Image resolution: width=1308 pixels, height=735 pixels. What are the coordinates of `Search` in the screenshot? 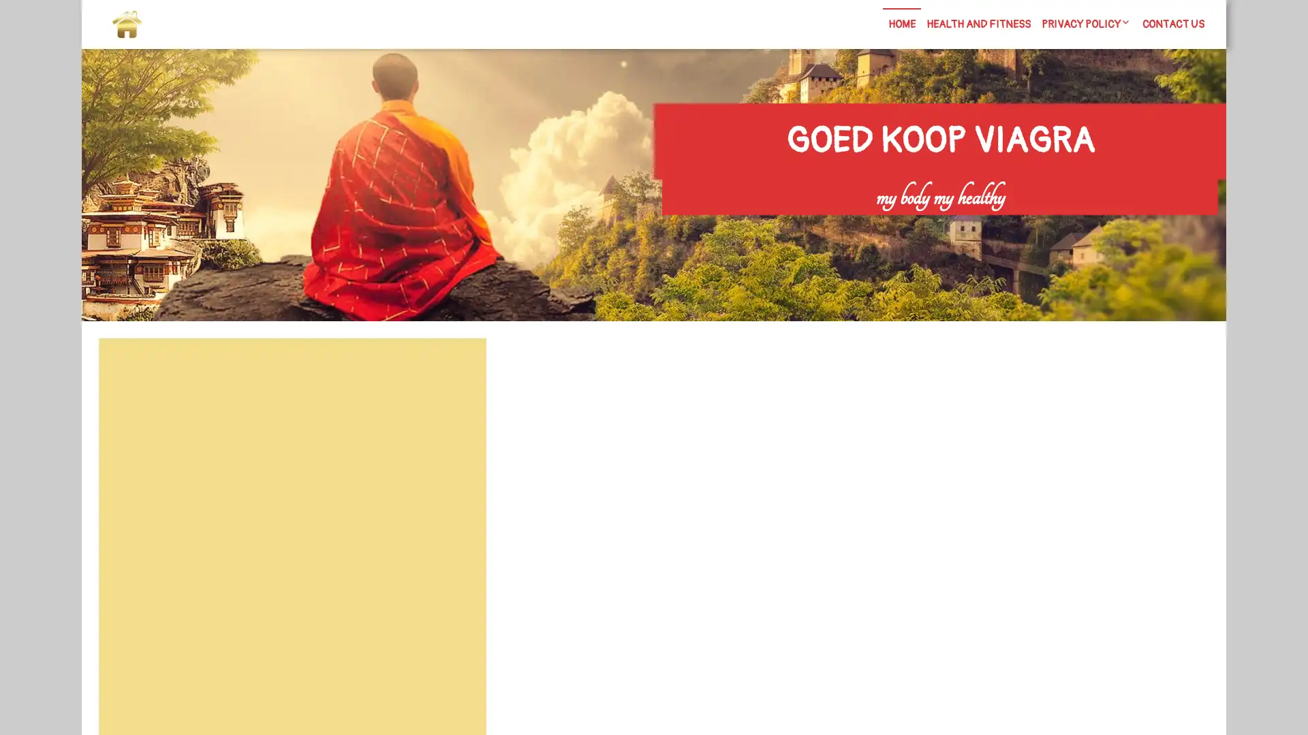 It's located at (1061, 223).